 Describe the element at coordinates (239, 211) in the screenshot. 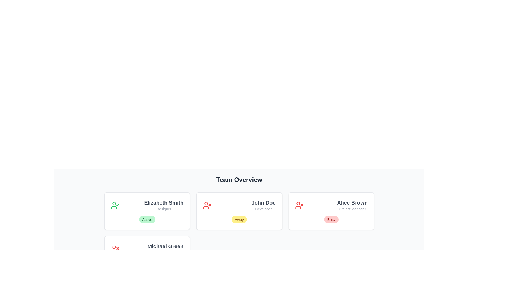

I see `the status indicator of the Profile card for 'John Doe', which is highlighted in a distinct yellow bubble` at that location.